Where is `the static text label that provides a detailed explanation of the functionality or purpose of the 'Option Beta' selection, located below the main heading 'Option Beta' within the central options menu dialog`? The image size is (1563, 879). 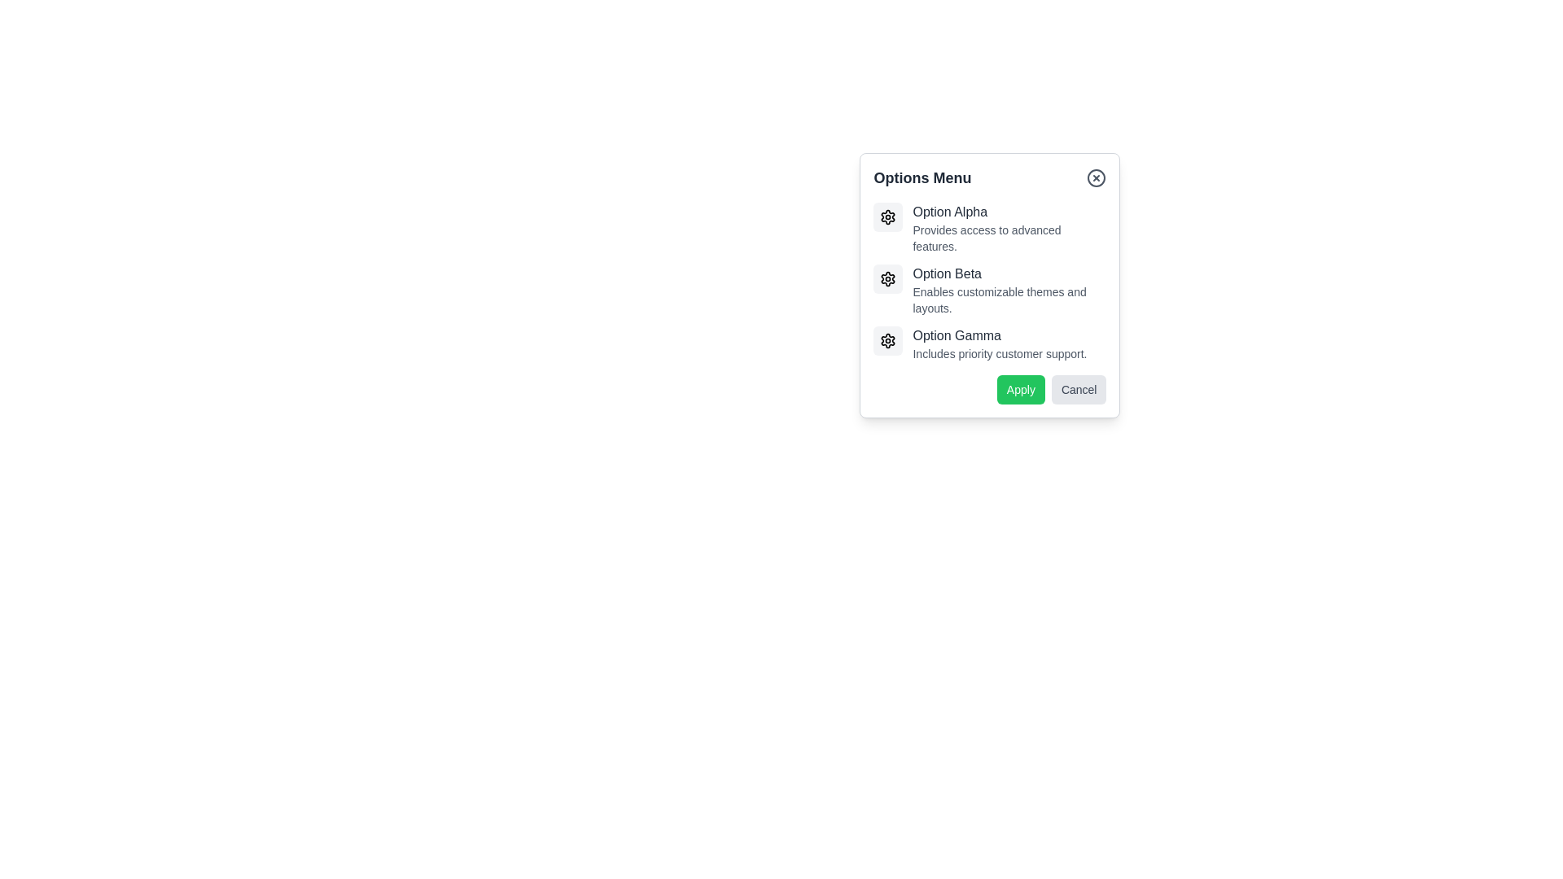
the static text label that provides a detailed explanation of the functionality or purpose of the 'Option Beta' selection, located below the main heading 'Option Beta' within the central options menu dialog is located at coordinates (1009, 300).